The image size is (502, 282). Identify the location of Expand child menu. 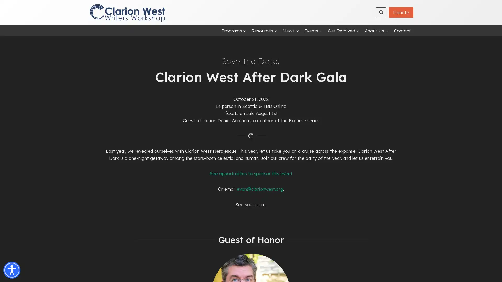
(264, 30).